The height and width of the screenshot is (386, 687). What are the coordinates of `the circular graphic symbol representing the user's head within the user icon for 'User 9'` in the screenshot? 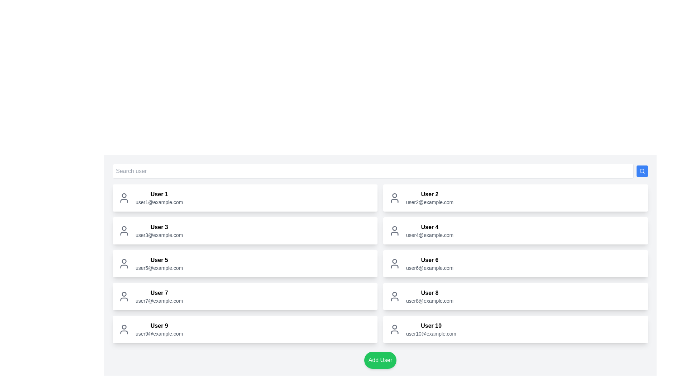 It's located at (124, 327).